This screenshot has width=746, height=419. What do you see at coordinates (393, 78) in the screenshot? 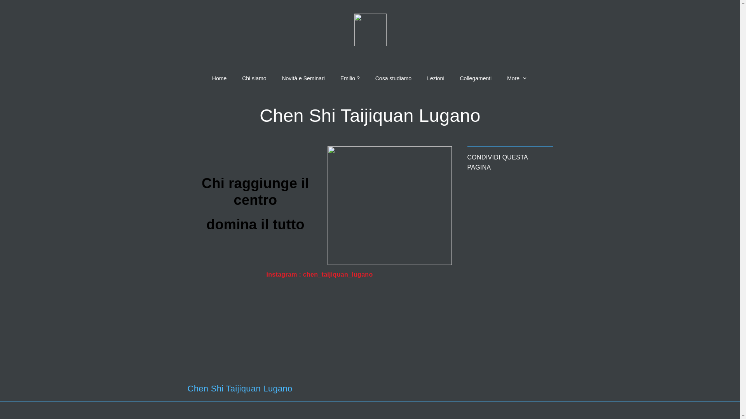
I see `'Cosa studiamo'` at bounding box center [393, 78].